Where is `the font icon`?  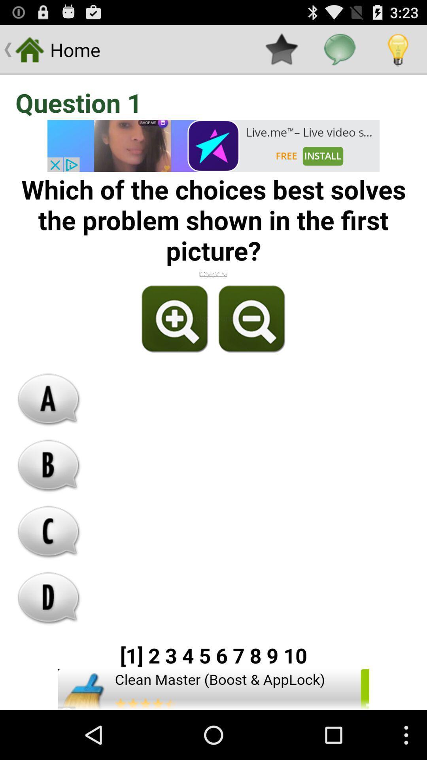
the font icon is located at coordinates (49, 427).